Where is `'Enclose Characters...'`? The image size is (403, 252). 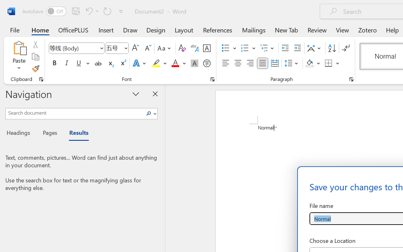 'Enclose Characters...' is located at coordinates (207, 63).